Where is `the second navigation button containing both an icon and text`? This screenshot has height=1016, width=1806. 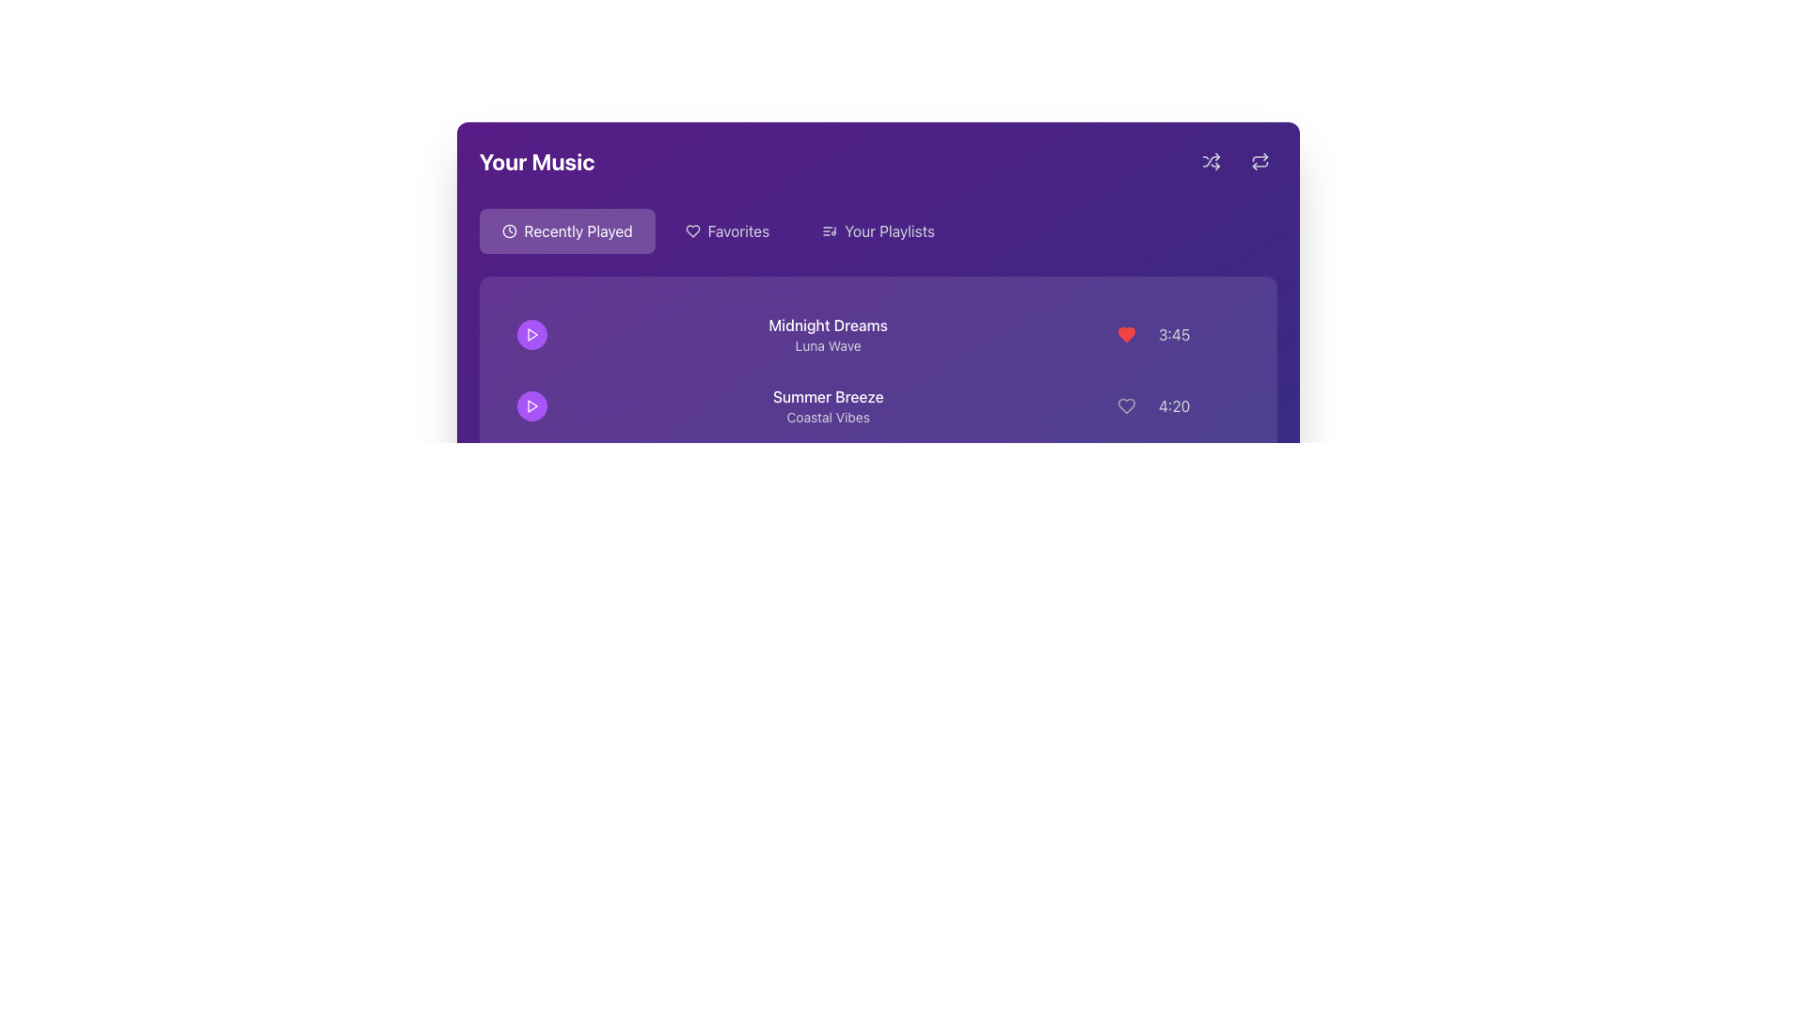 the second navigation button containing both an icon and text is located at coordinates (726, 230).